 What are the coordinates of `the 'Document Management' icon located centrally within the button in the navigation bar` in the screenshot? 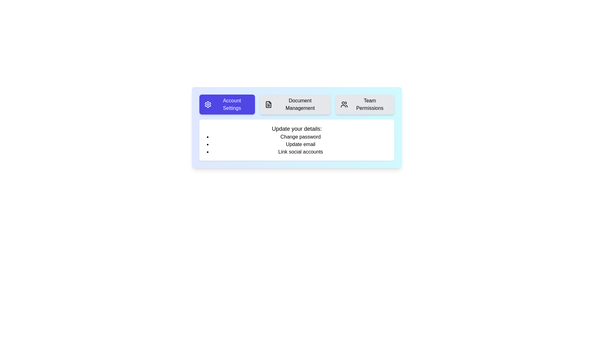 It's located at (268, 104).